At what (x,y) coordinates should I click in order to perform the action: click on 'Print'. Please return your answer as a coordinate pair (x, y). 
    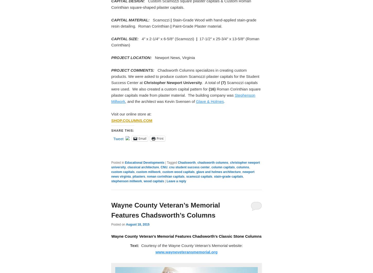
    Looking at the image, I should click on (156, 138).